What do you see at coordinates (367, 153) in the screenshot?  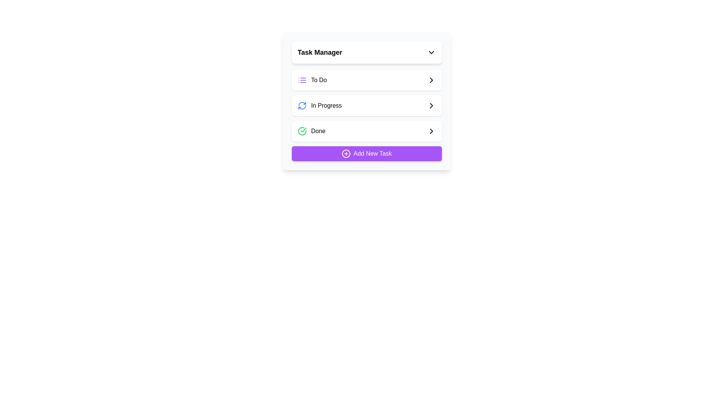 I see `the 'Add Task' button located at the bottom of the 'Task Manager' panel` at bounding box center [367, 153].